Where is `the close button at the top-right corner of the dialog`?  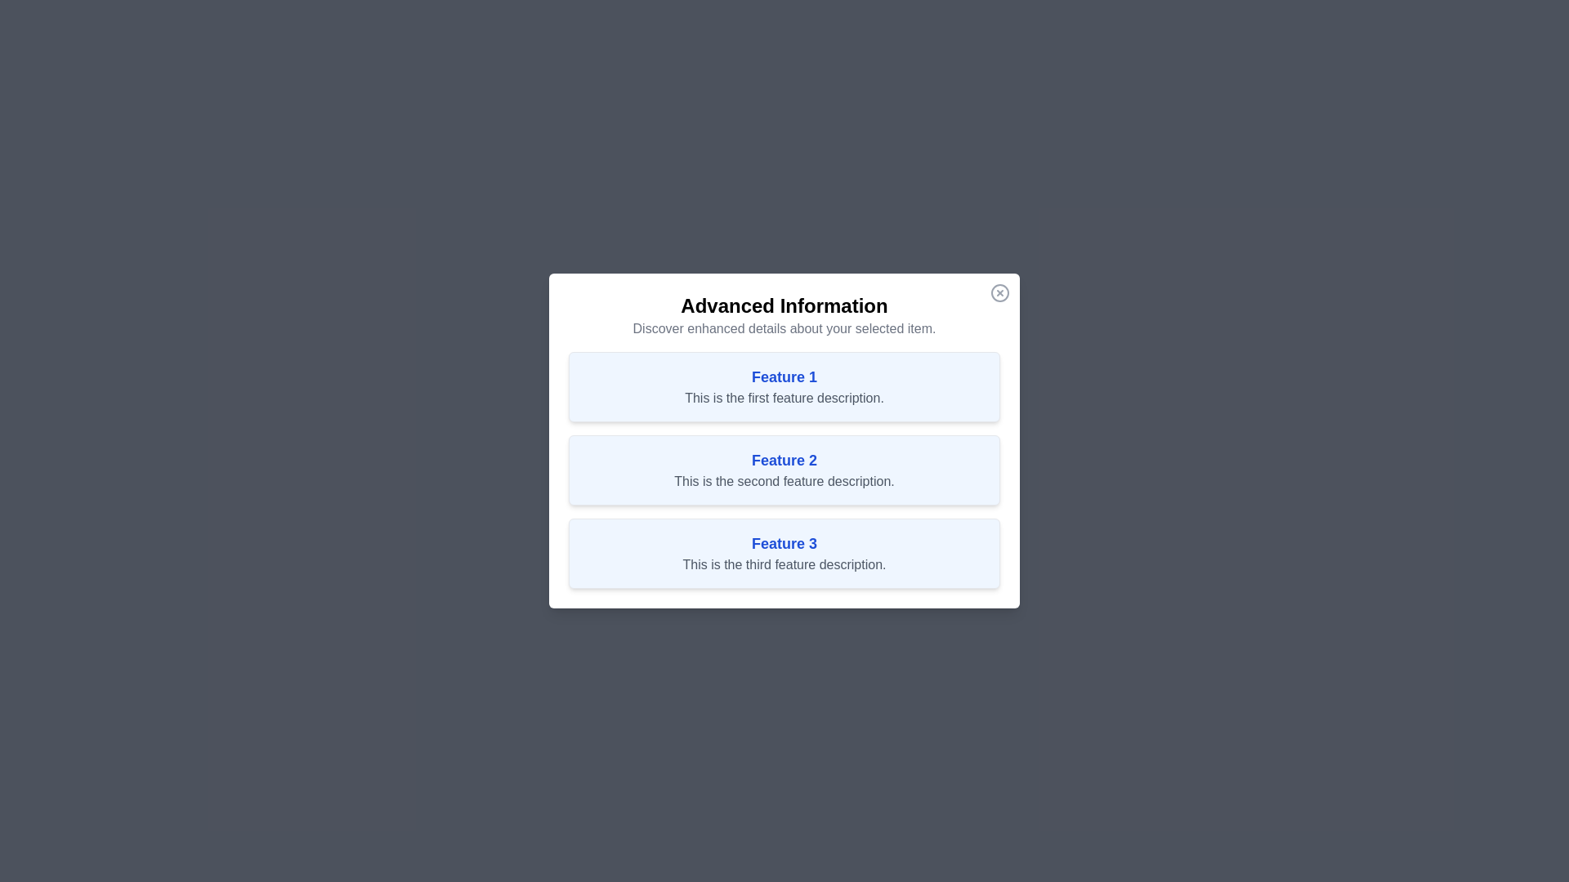 the close button at the top-right corner of the dialog is located at coordinates (999, 292).